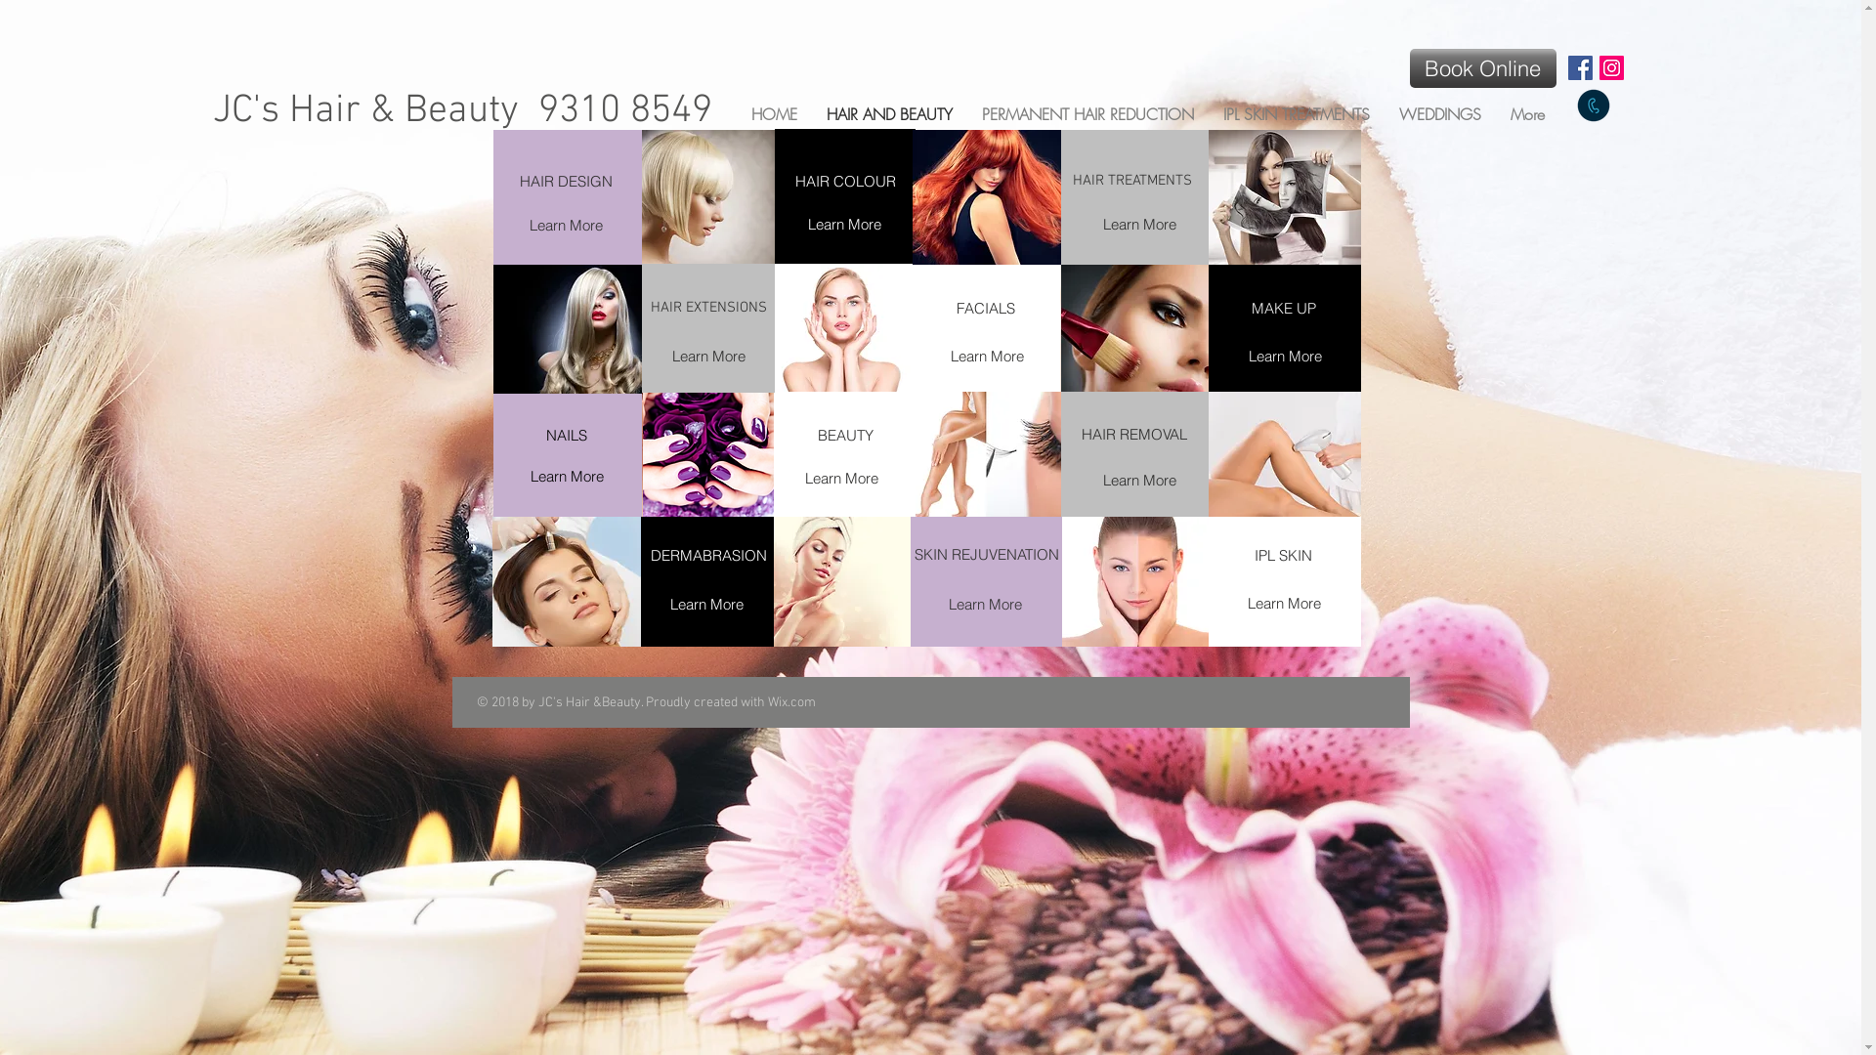 This screenshot has height=1055, width=1876. I want to click on 'Learn More', so click(1139, 223).